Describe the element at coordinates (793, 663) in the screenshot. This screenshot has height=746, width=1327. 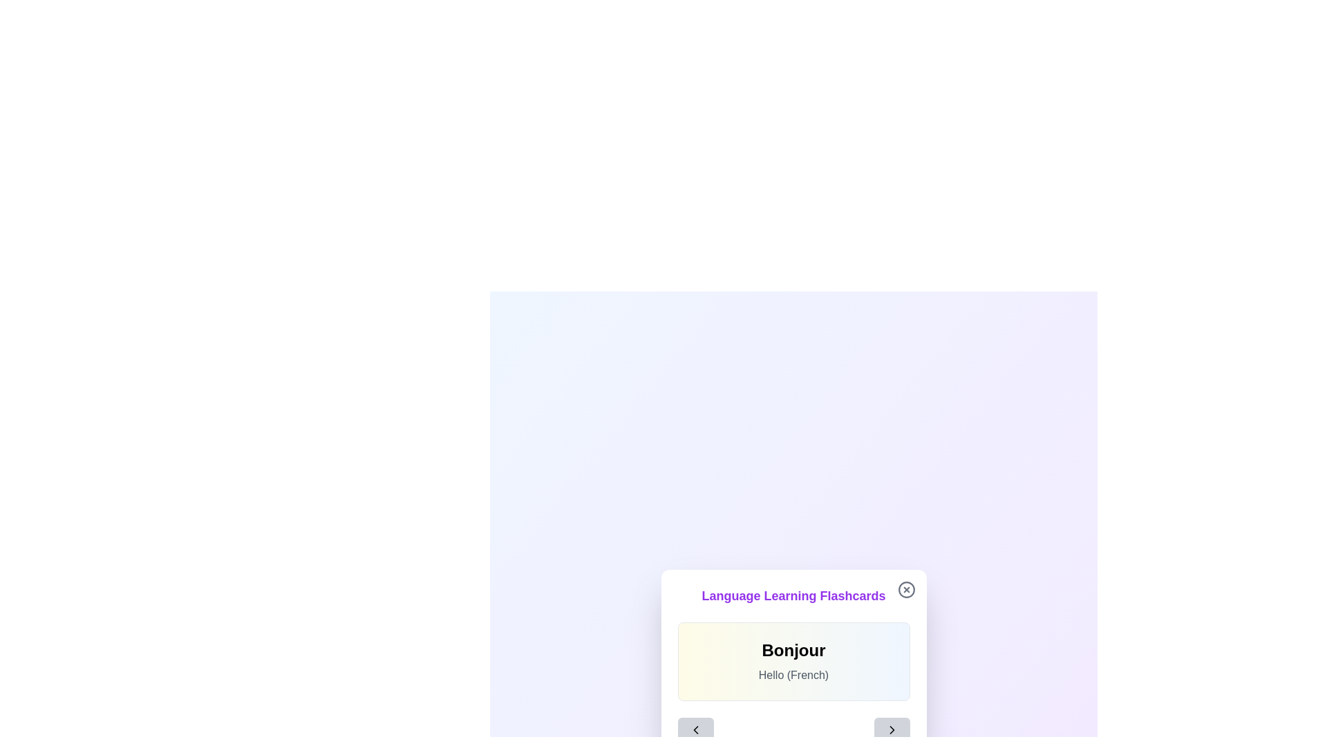
I see `text within the language learning flashcard, which is centered below the purple title 'Language Learning Flashcards' and above the navigation buttons` at that location.